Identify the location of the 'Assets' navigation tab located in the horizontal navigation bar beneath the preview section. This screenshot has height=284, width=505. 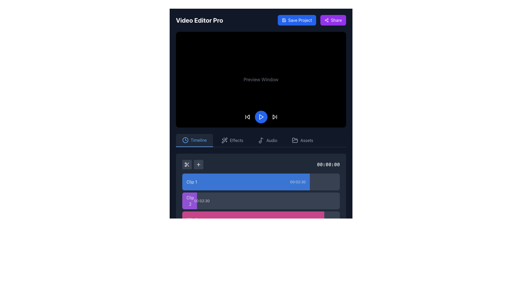
(302, 140).